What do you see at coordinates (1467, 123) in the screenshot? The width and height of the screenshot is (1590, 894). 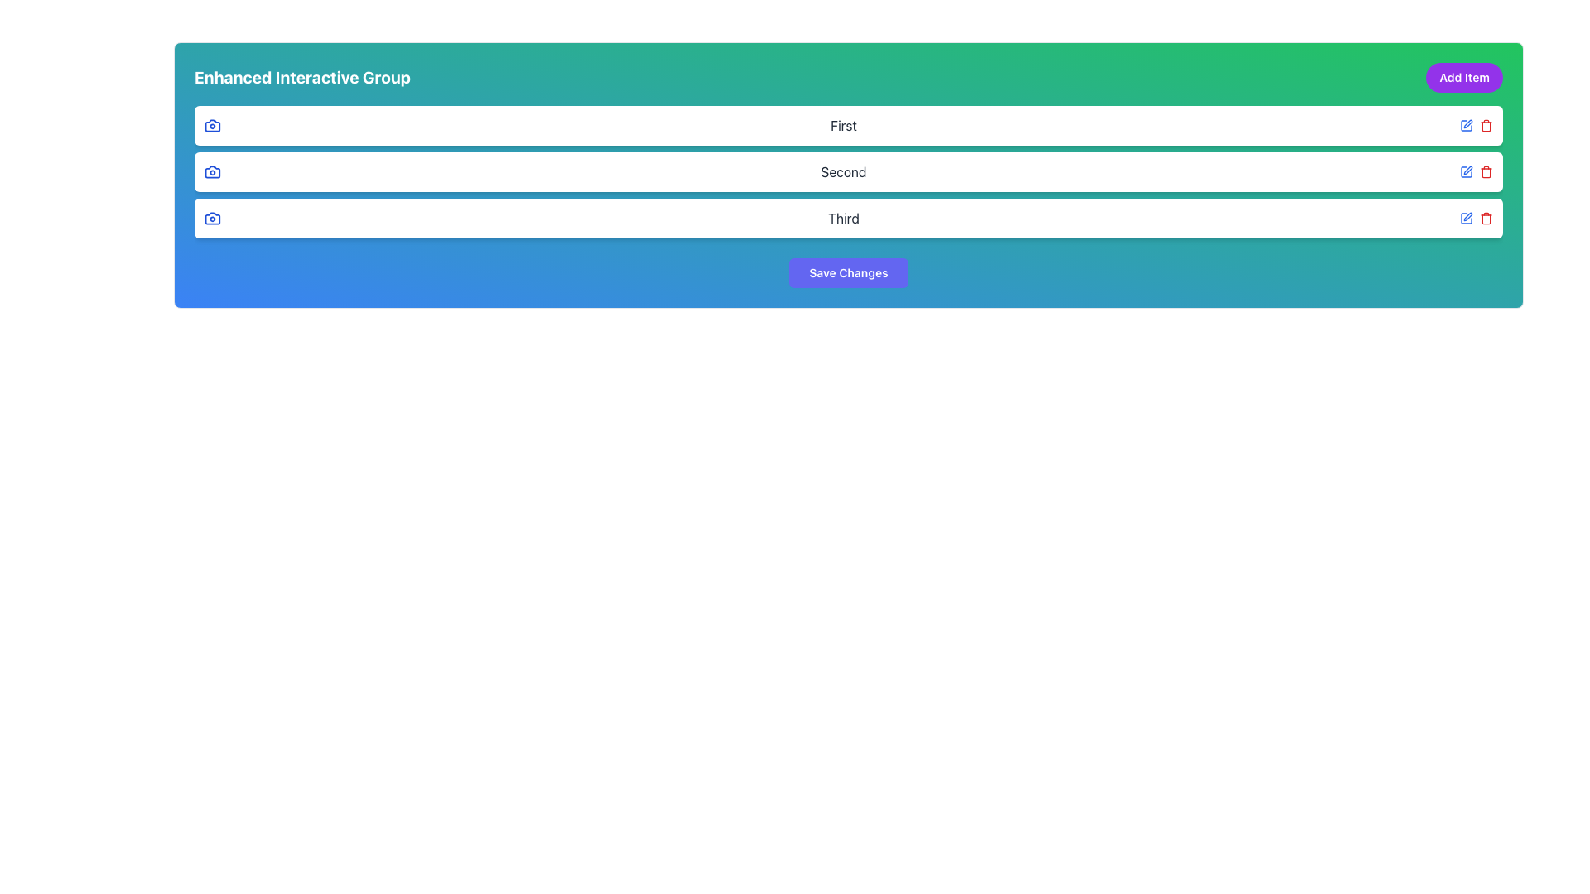 I see `the pen icon button located in the top-right corner of the first row` at bounding box center [1467, 123].